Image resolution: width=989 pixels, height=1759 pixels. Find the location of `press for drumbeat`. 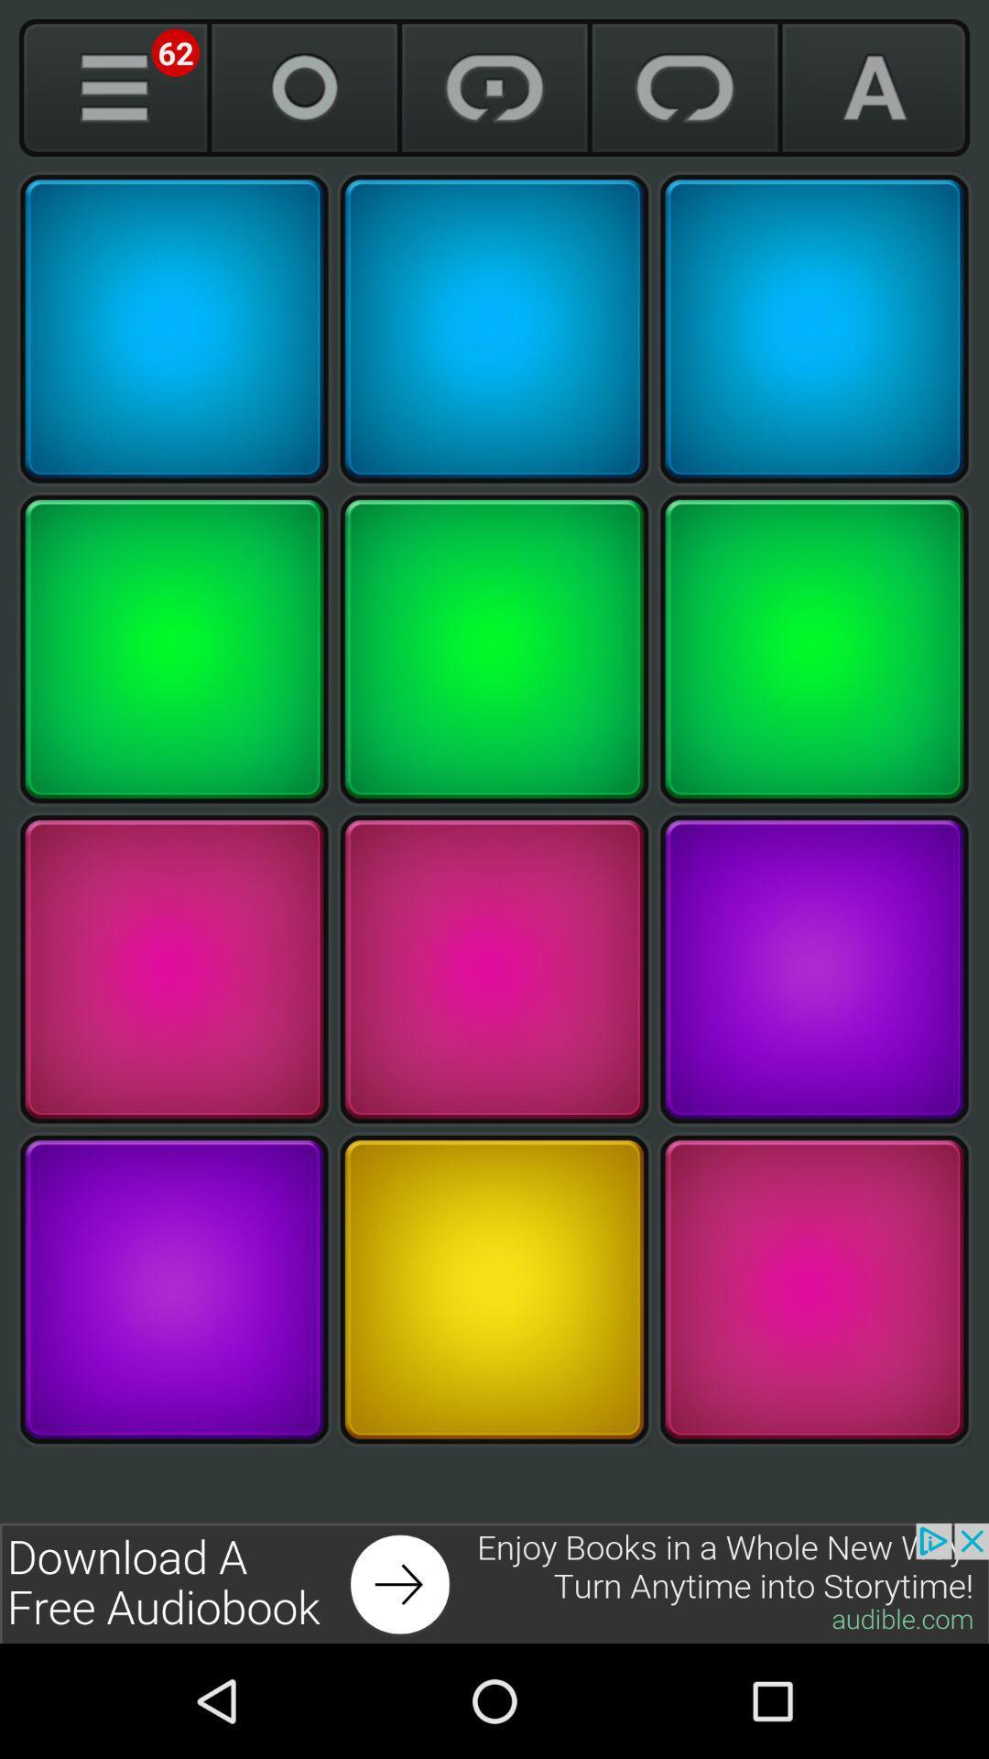

press for drumbeat is located at coordinates (494, 1288).